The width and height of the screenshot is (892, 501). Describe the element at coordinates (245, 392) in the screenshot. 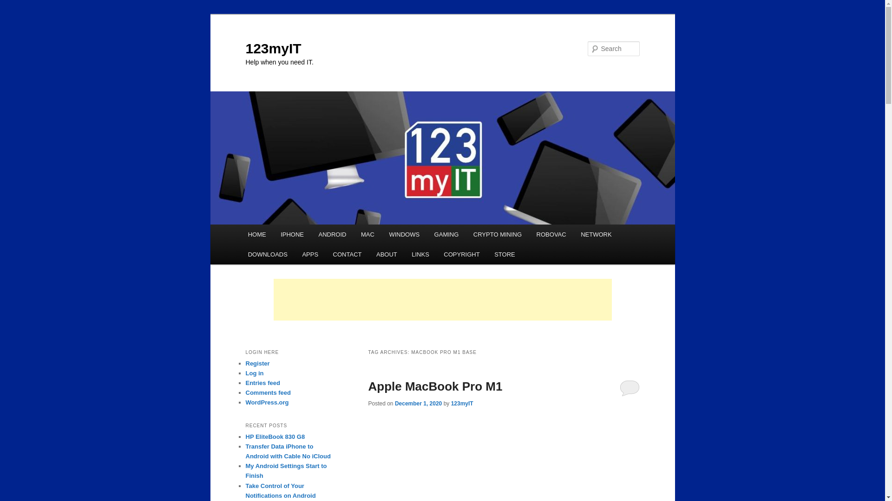

I see `'Comments feed'` at that location.